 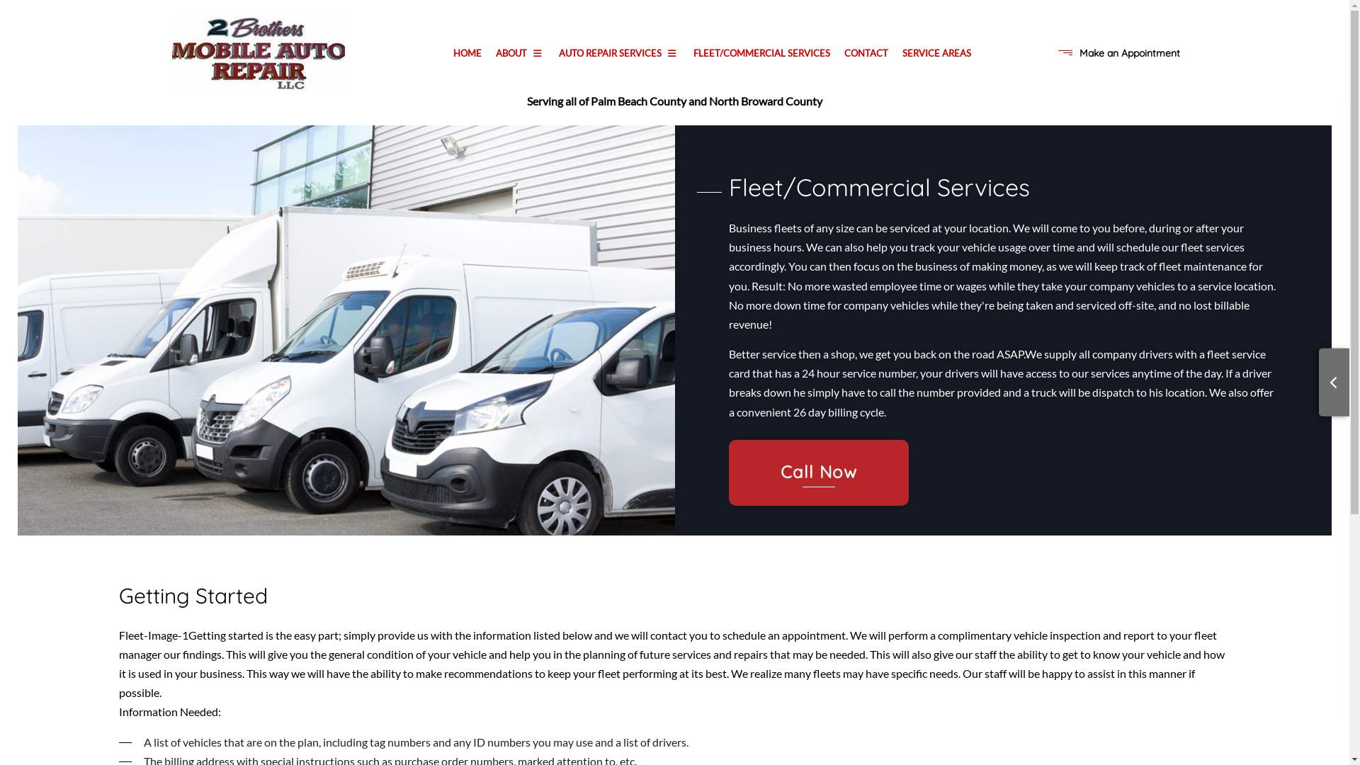 I want to click on 'Make an Appointment', so click(x=1128, y=52).